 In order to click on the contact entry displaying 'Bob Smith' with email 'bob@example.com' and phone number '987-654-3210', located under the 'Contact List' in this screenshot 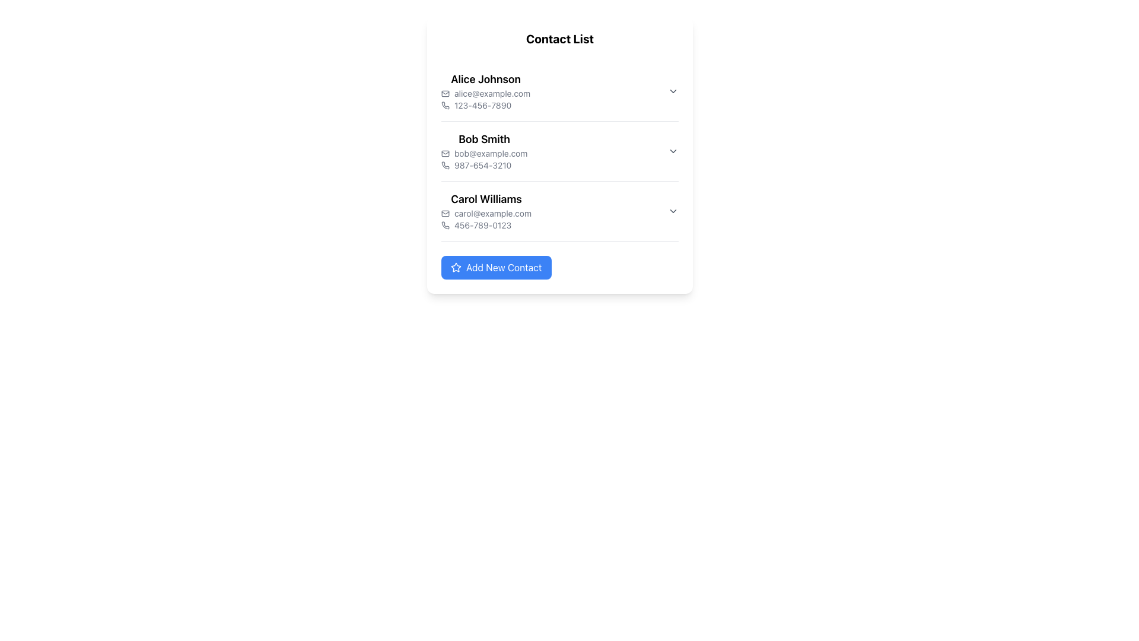, I will do `click(559, 154)`.